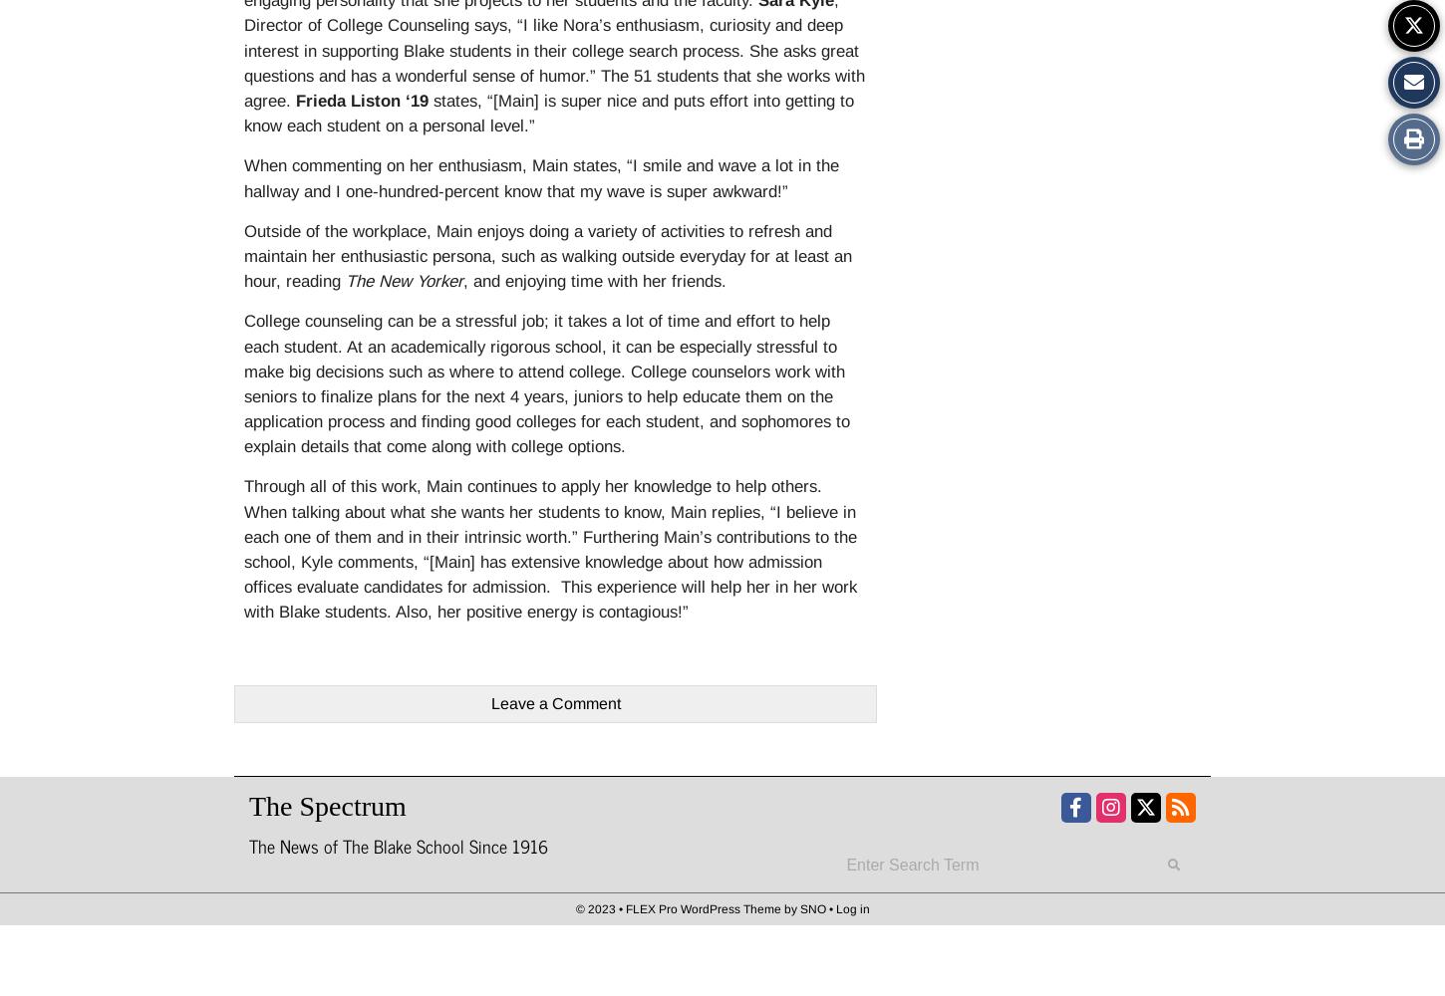 This screenshot has height=996, width=1445. Describe the element at coordinates (547, 256) in the screenshot. I see `'Outside of the workplace, Main enjoys doing a variety of activities to refresh and maintain her enthusiastic persona, such as walking outside everyday for at least an hour, reading'` at that location.